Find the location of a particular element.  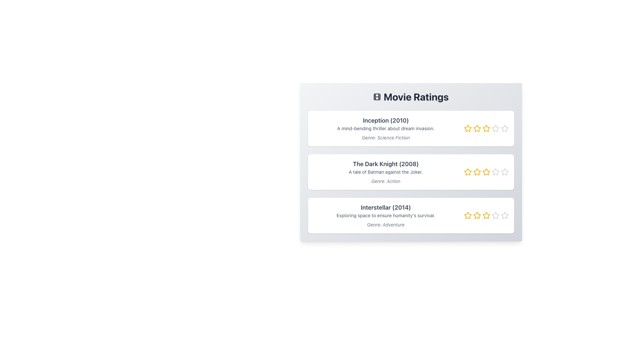

the third star icon in the rating system for 'The Dark Knight (2008)' is located at coordinates (486, 171).